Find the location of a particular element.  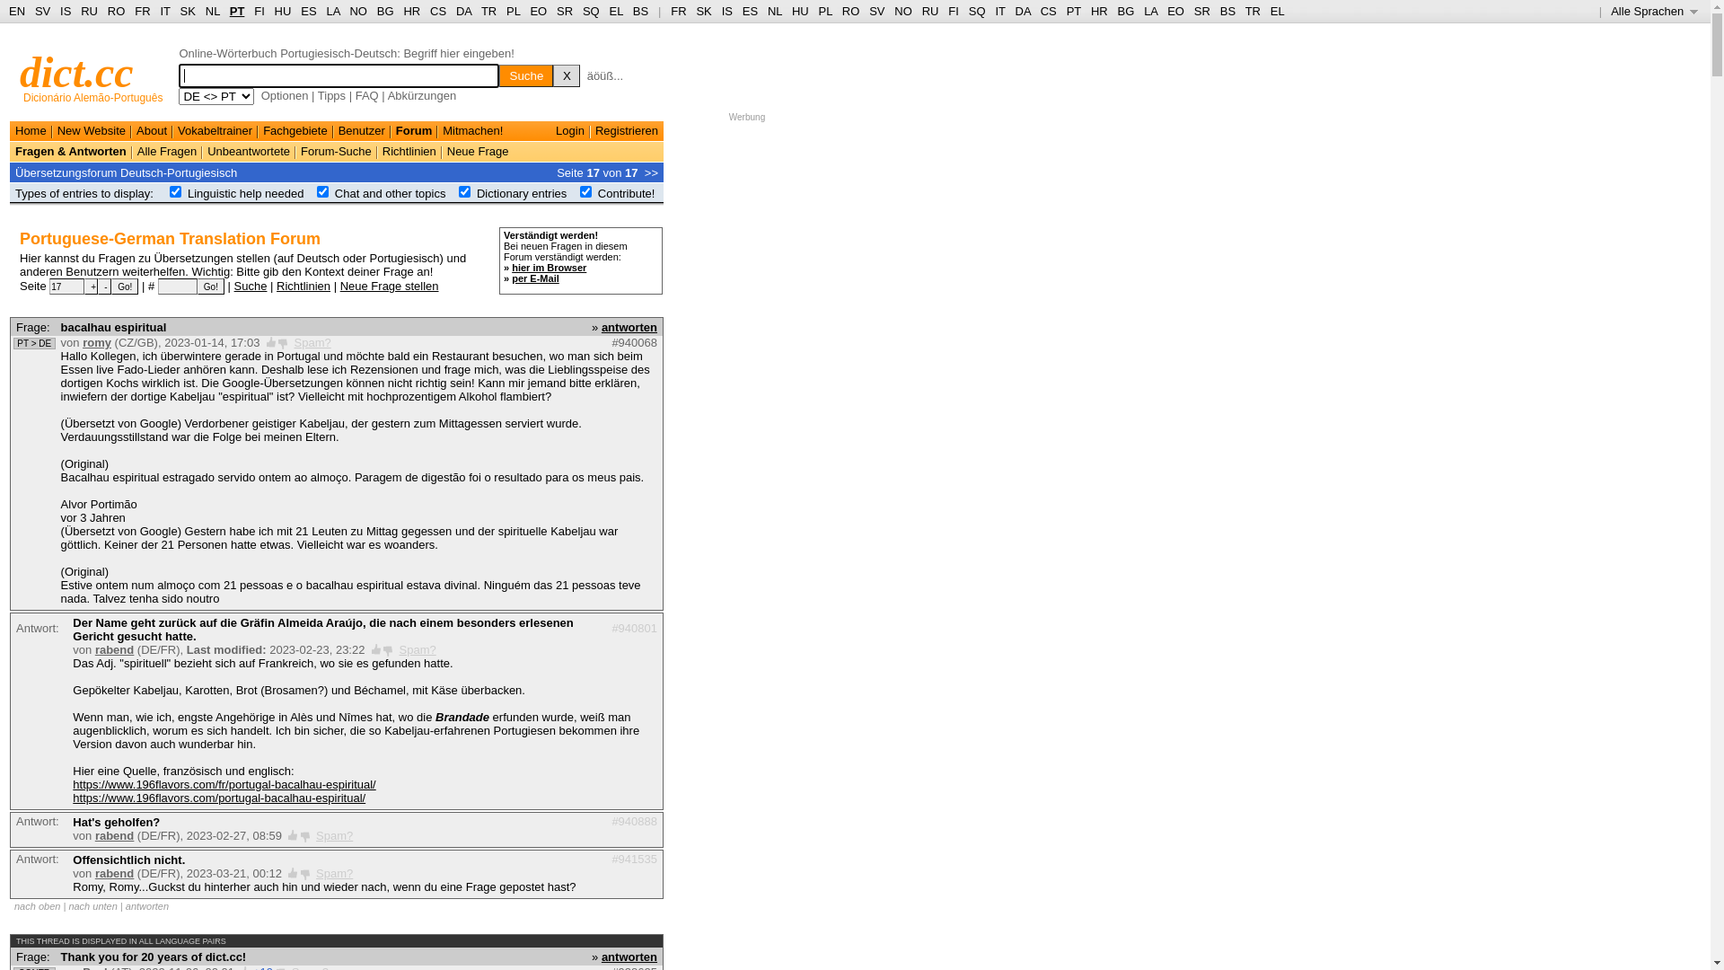

'Neue Frage' is located at coordinates (447, 150).